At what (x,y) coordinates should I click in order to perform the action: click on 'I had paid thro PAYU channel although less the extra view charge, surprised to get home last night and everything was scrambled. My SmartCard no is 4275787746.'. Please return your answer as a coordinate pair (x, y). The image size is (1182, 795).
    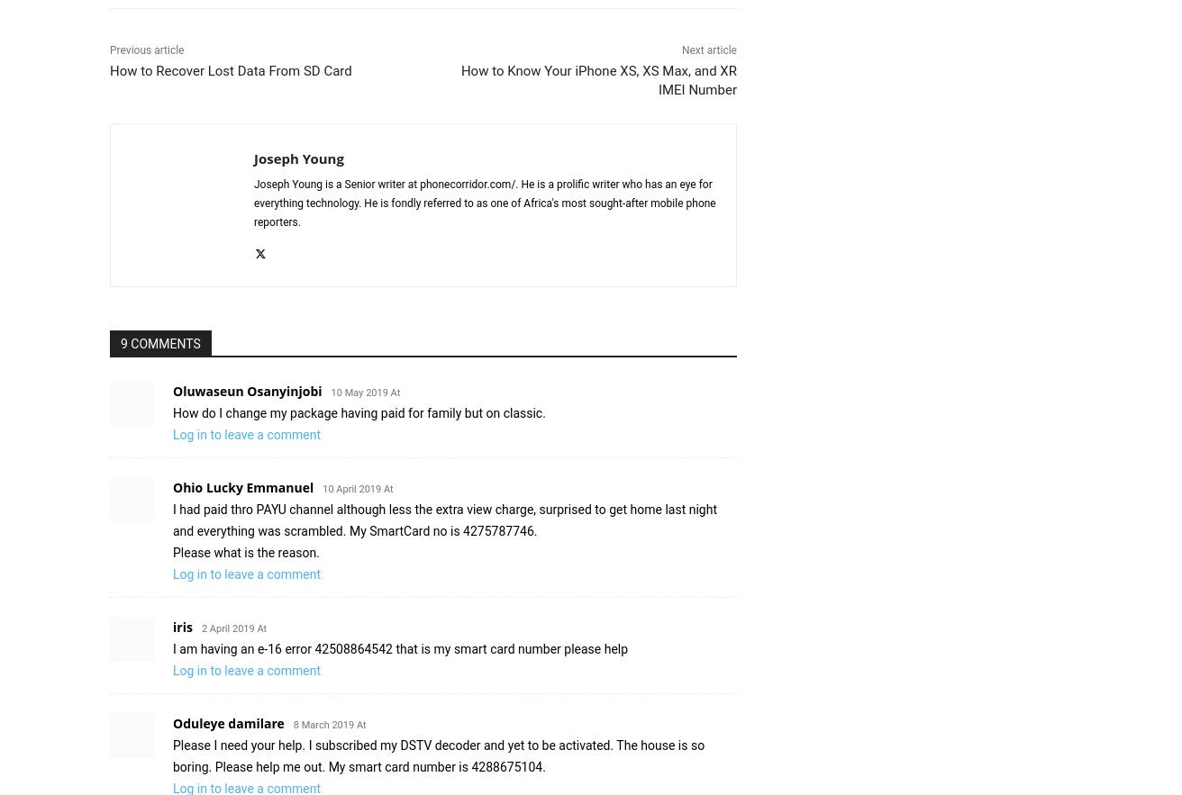
    Looking at the image, I should click on (443, 519).